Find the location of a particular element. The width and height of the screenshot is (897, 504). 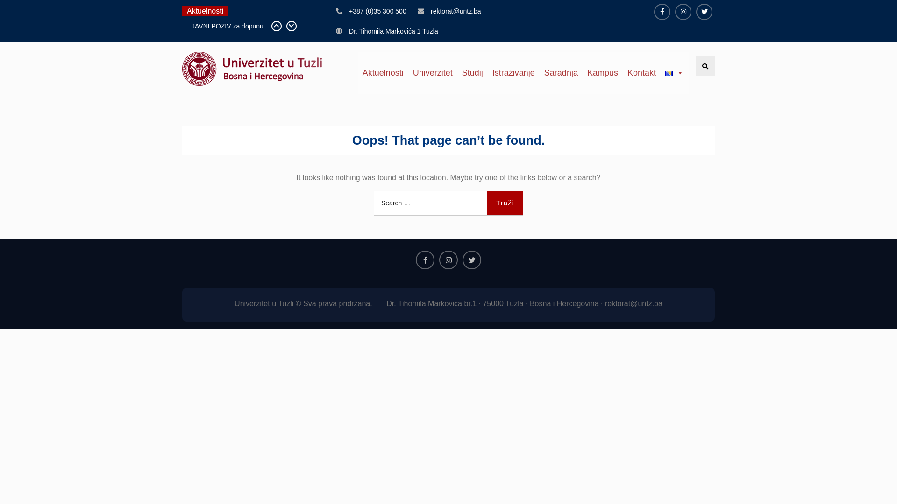

'Facebook' is located at coordinates (415, 259).